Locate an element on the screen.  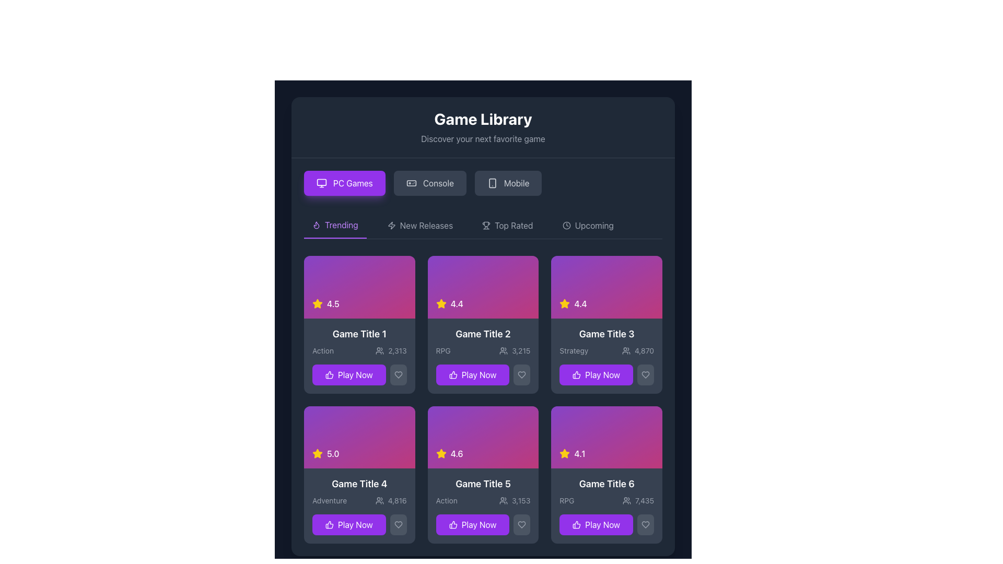
the star icon filled with yellow, which is part of the rating display next to the text '4.4' in the second card from the left in the top row of the game library grid is located at coordinates (441, 303).